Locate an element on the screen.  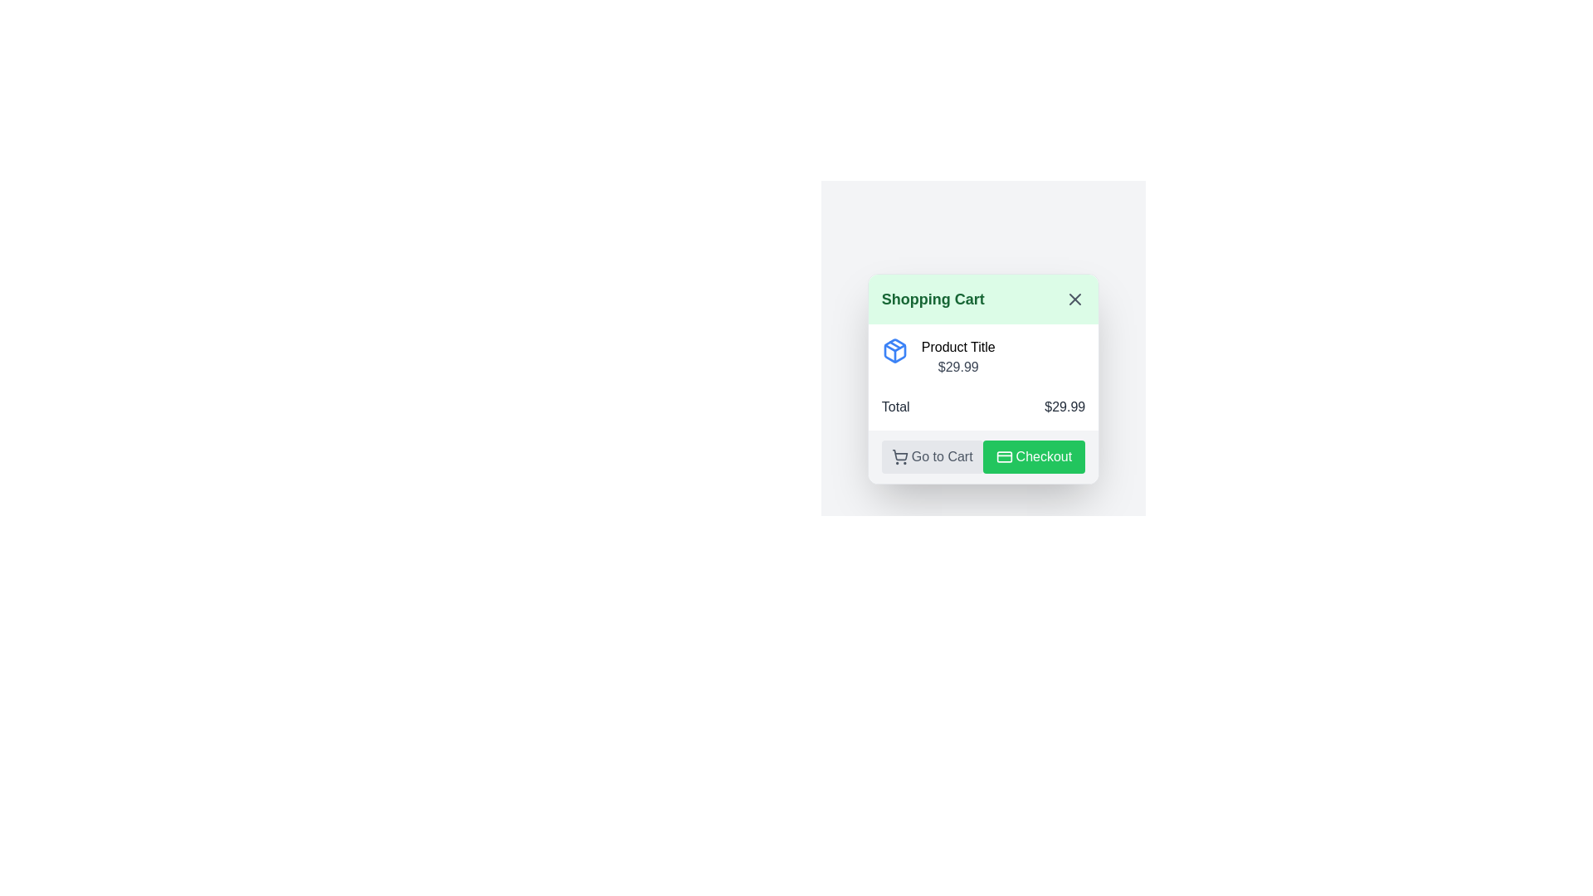
the graphical icon representing a product in the shopping cart interface, located at the left of the product details is located at coordinates (894, 350).